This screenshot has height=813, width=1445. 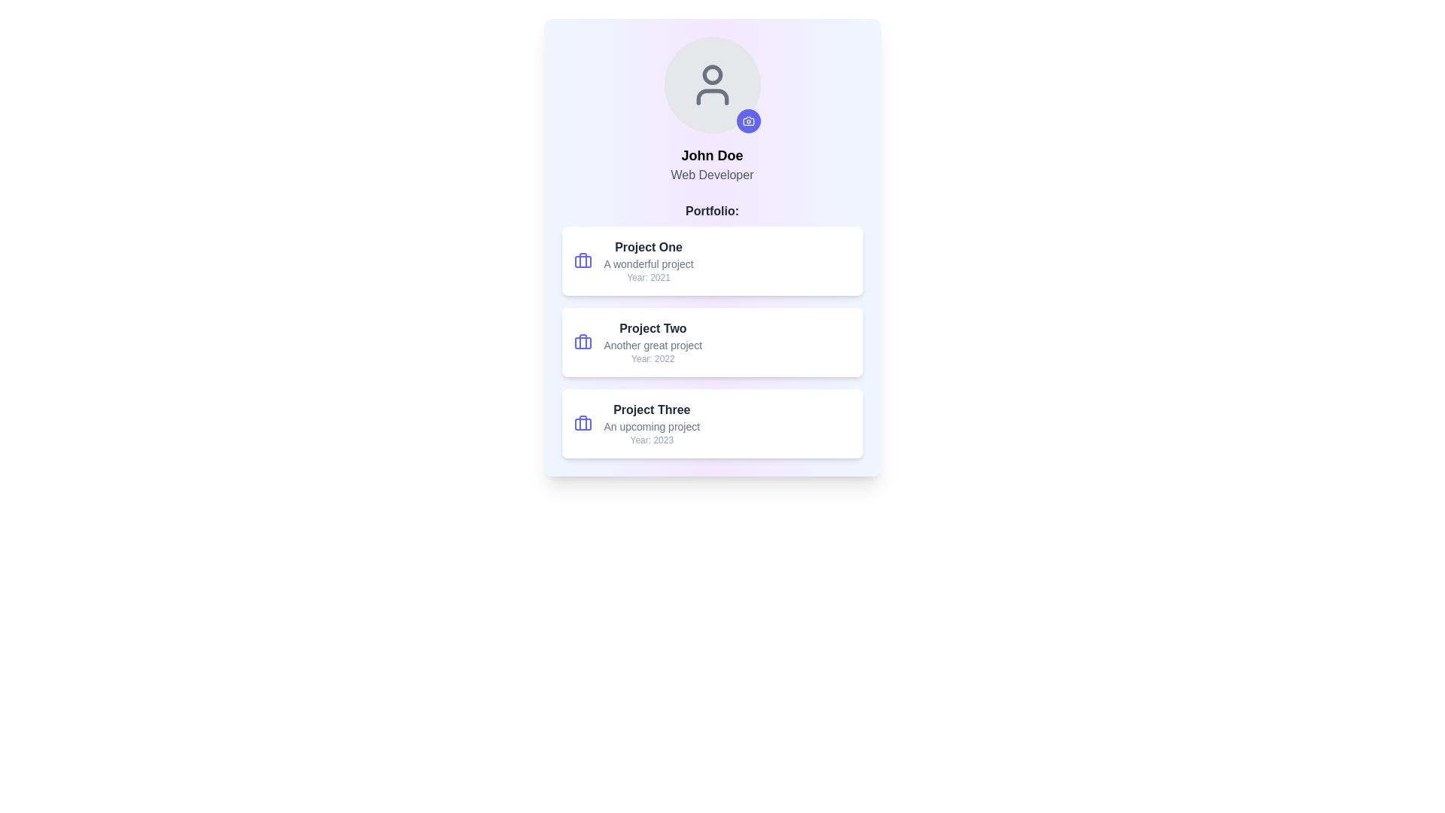 I want to click on the decorative vertical line in the SVG icon within the second project card under 'Project Two', which is part of the gift icon next to the project title, so click(x=582, y=342).